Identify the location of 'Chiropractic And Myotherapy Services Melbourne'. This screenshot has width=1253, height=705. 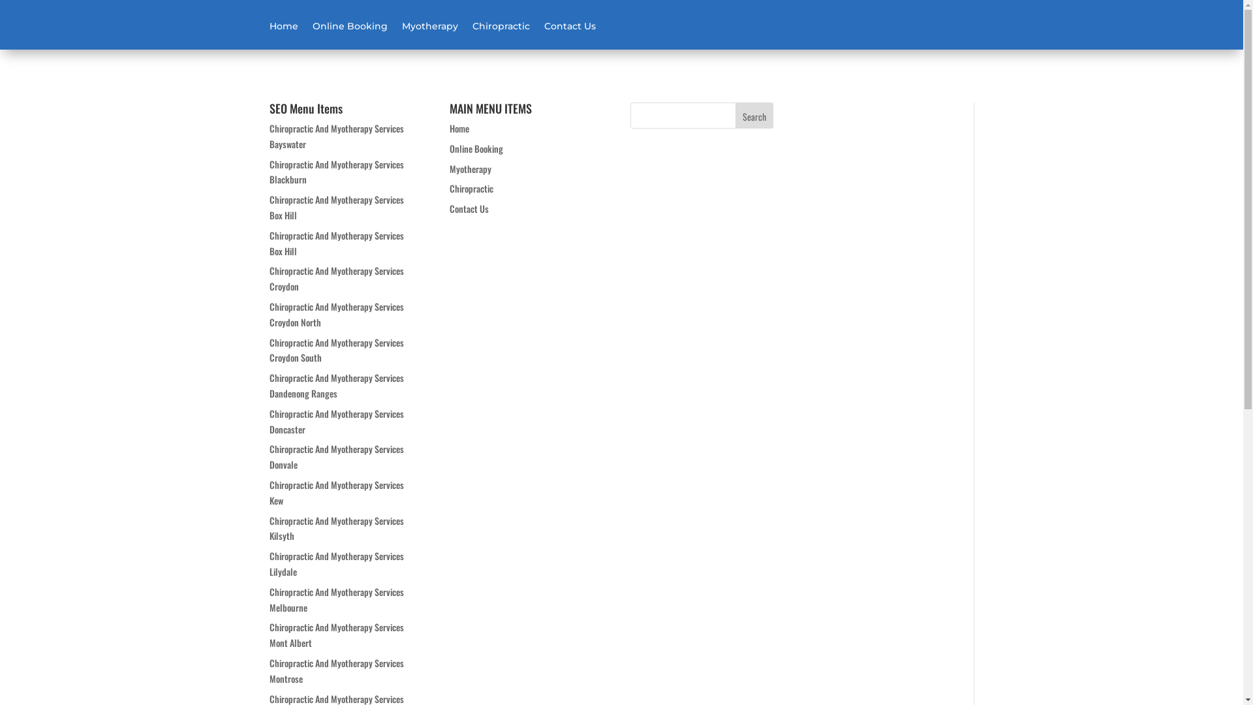
(335, 599).